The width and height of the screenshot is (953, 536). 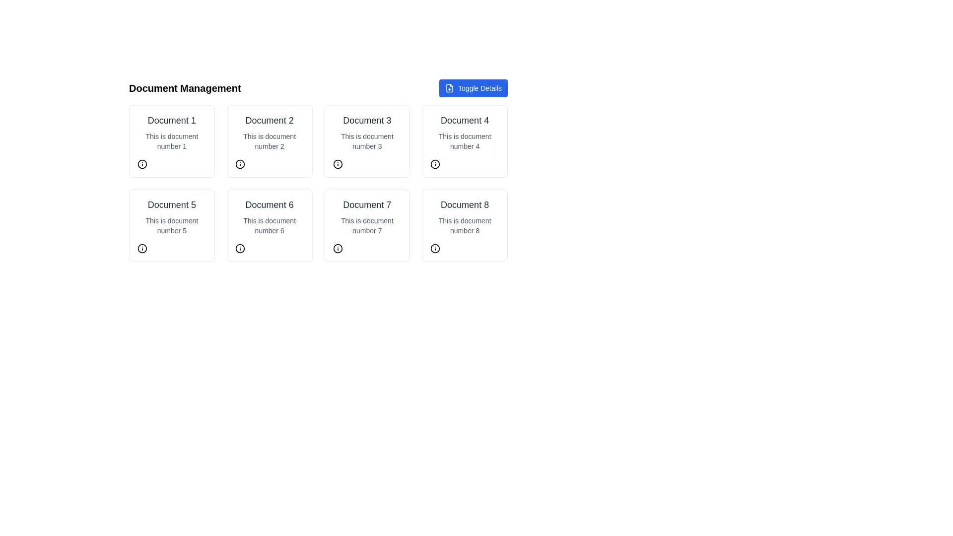 What do you see at coordinates (473, 87) in the screenshot?
I see `the blue rectangular button labeled 'Toggle Details' with a file icon` at bounding box center [473, 87].